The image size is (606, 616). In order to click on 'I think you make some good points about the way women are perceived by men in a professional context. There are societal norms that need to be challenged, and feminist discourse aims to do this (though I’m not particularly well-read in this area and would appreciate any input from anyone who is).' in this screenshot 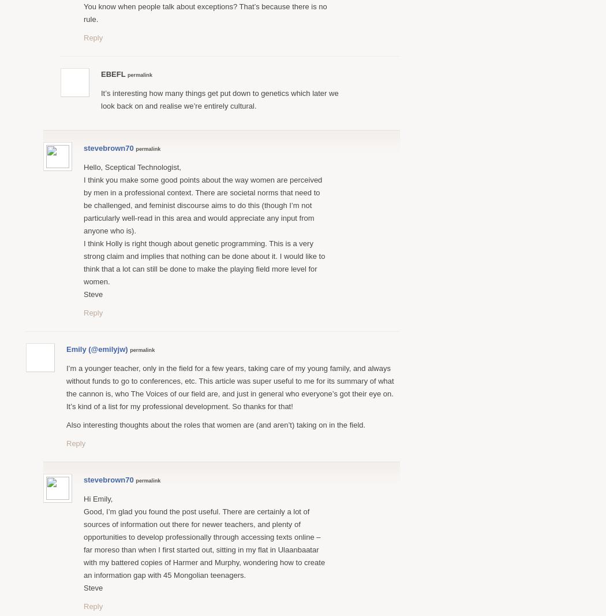, I will do `click(202, 205)`.